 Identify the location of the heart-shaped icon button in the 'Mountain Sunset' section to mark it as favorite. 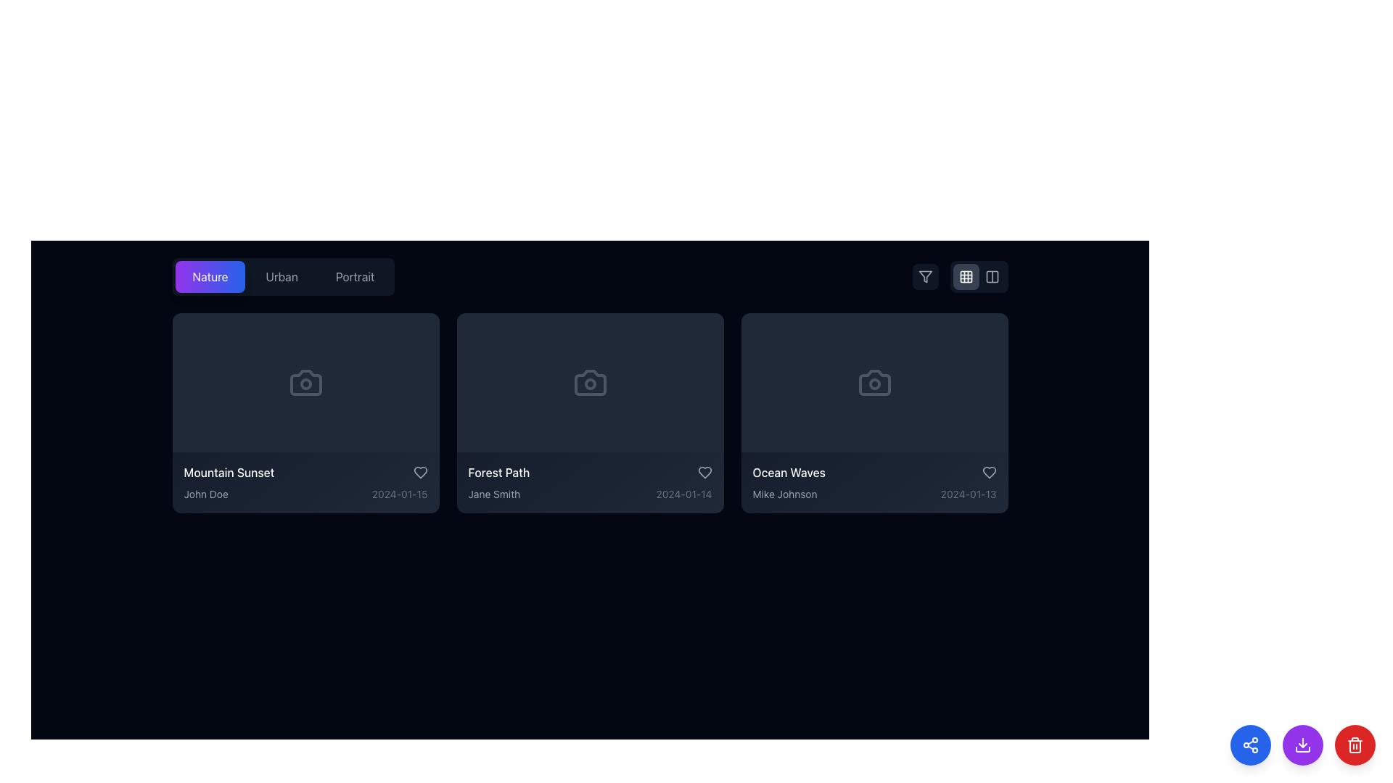
(419, 472).